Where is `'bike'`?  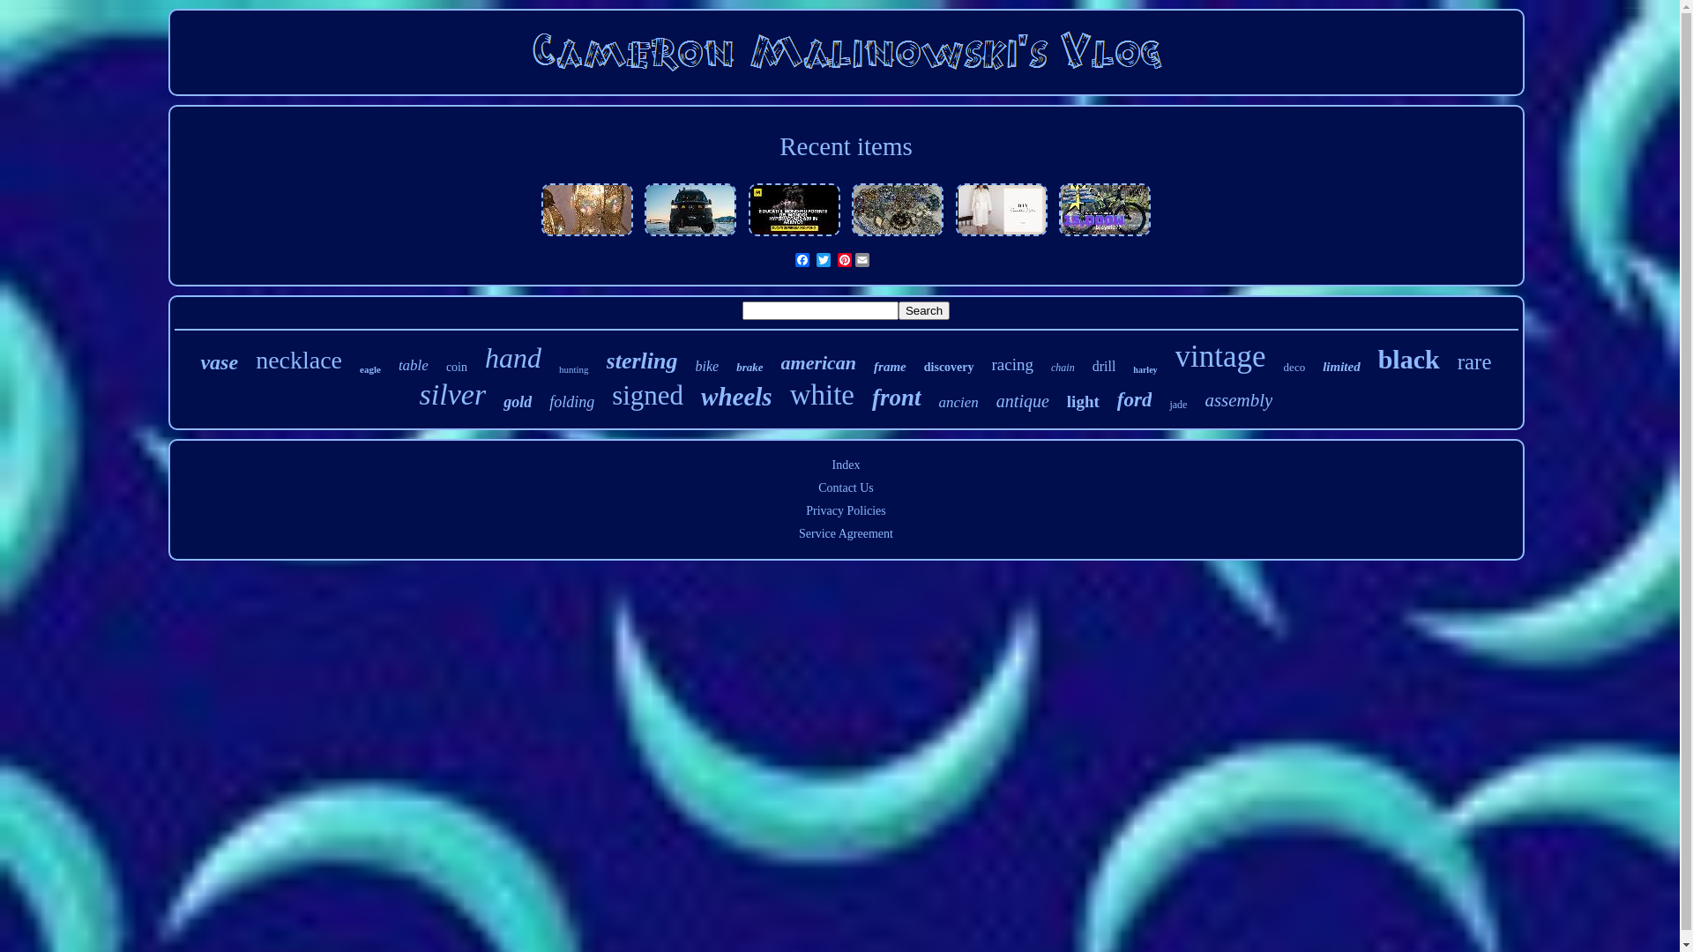 'bike' is located at coordinates (694, 366).